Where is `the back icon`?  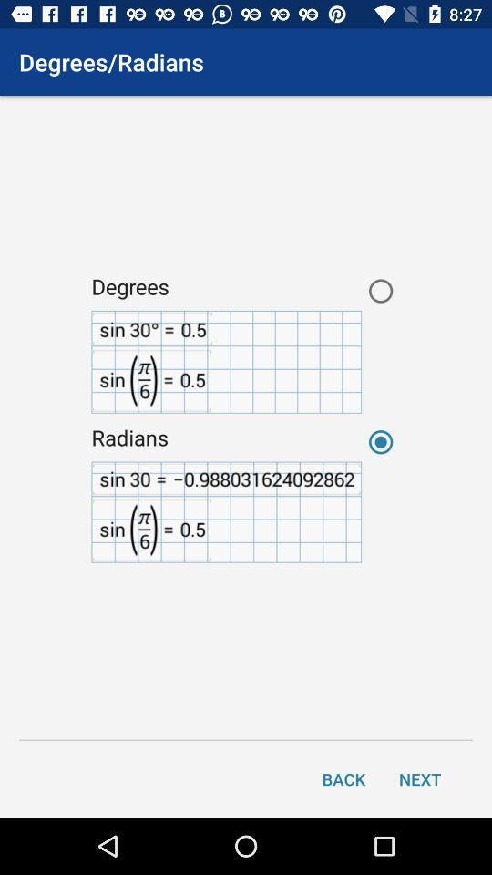
the back icon is located at coordinates (343, 777).